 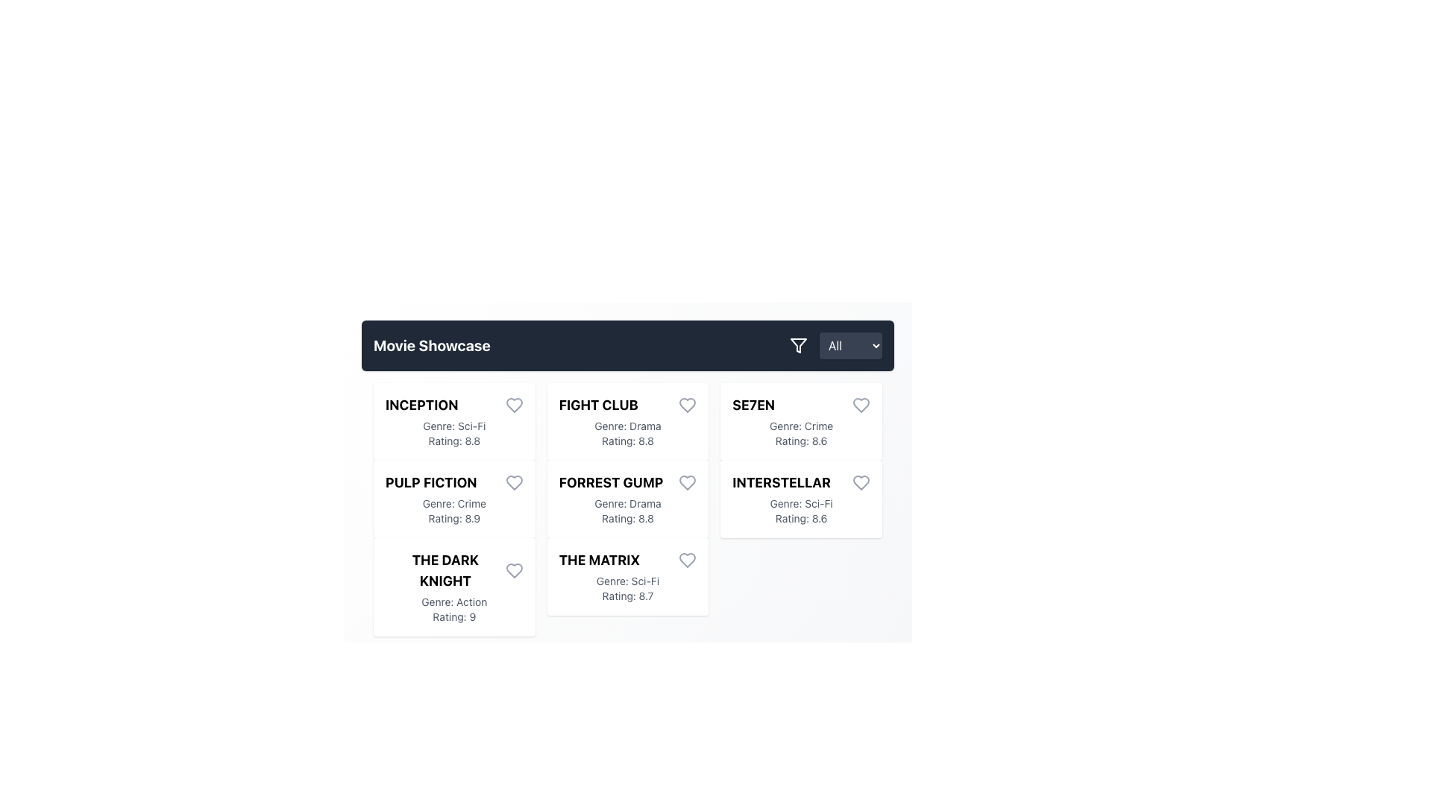 I want to click on the text label indicating the genre of the movie 'INCEPTION', which is positioned immediately after the word 'Genre:' in the first row of the grid layout, so click(x=471, y=426).